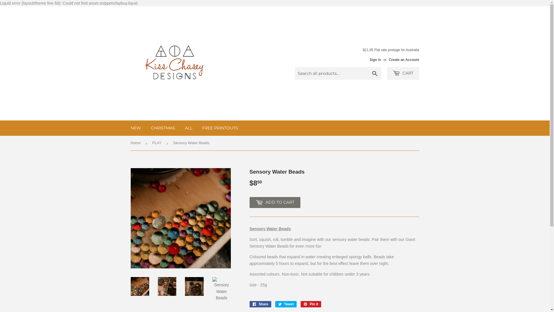 Image resolution: width=554 pixels, height=312 pixels. I want to click on 'Create an Account', so click(404, 60).